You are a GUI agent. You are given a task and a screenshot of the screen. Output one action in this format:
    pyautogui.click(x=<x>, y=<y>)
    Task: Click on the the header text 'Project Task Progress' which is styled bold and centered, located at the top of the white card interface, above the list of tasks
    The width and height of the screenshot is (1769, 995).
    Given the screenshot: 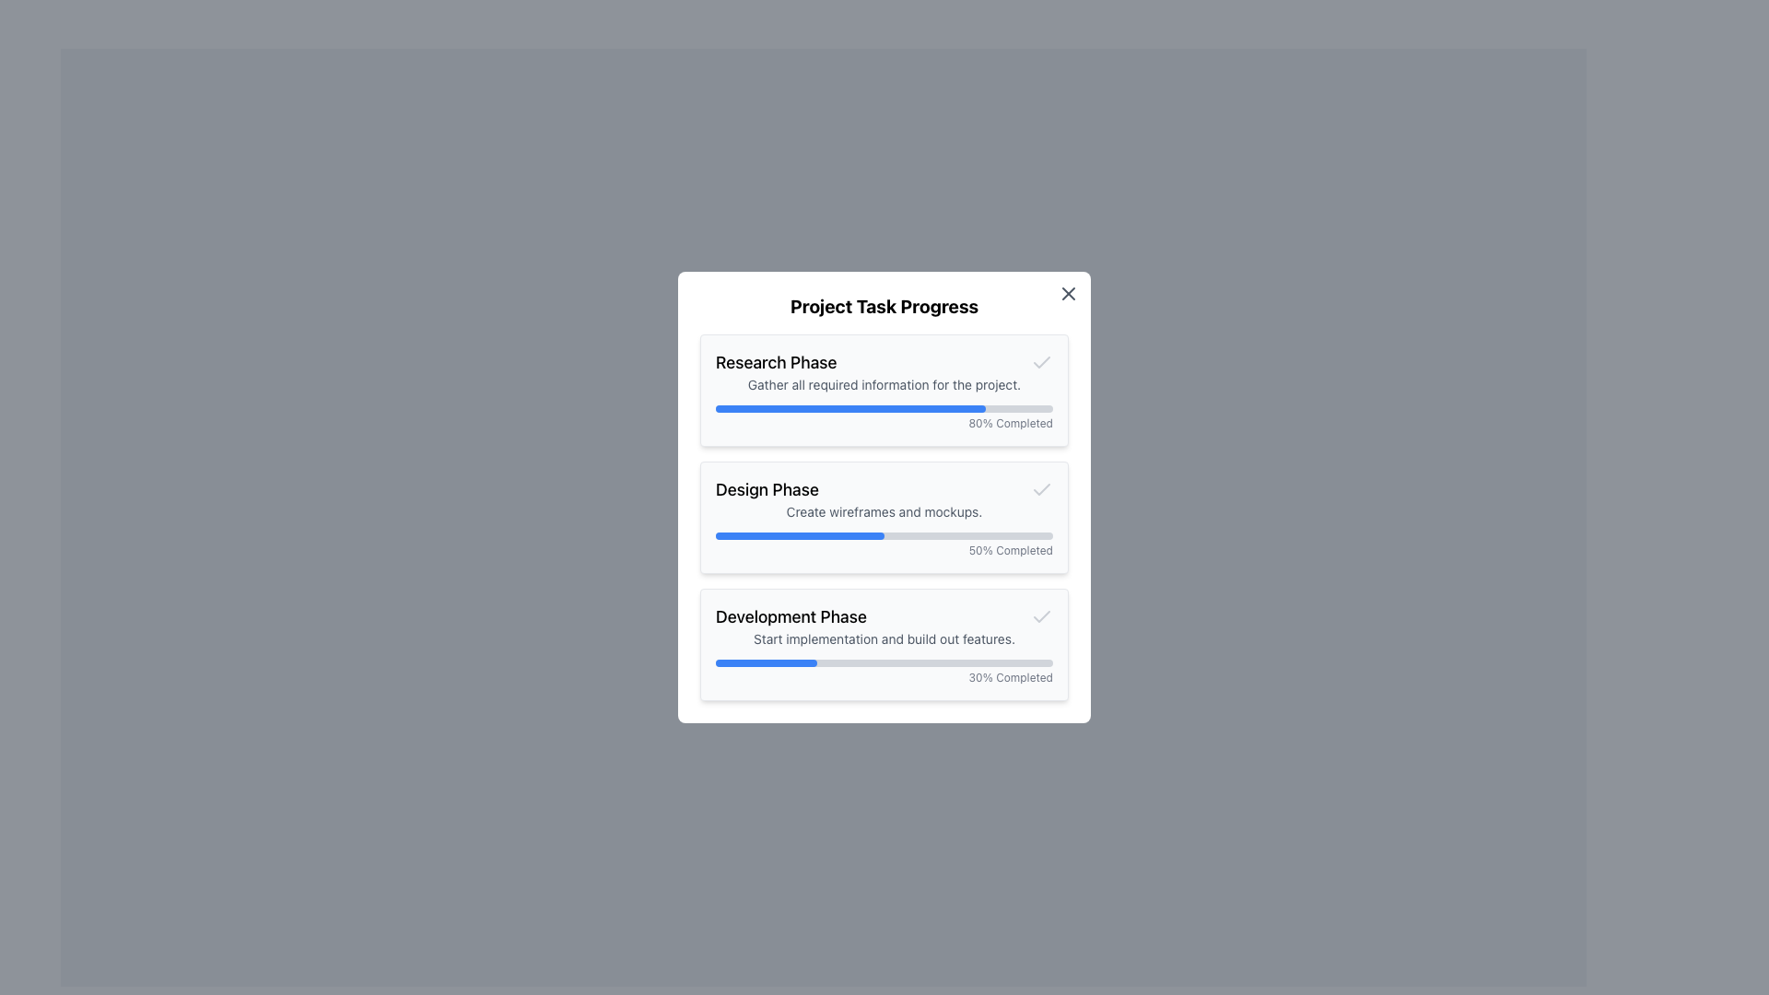 What is the action you would take?
    pyautogui.click(x=884, y=305)
    